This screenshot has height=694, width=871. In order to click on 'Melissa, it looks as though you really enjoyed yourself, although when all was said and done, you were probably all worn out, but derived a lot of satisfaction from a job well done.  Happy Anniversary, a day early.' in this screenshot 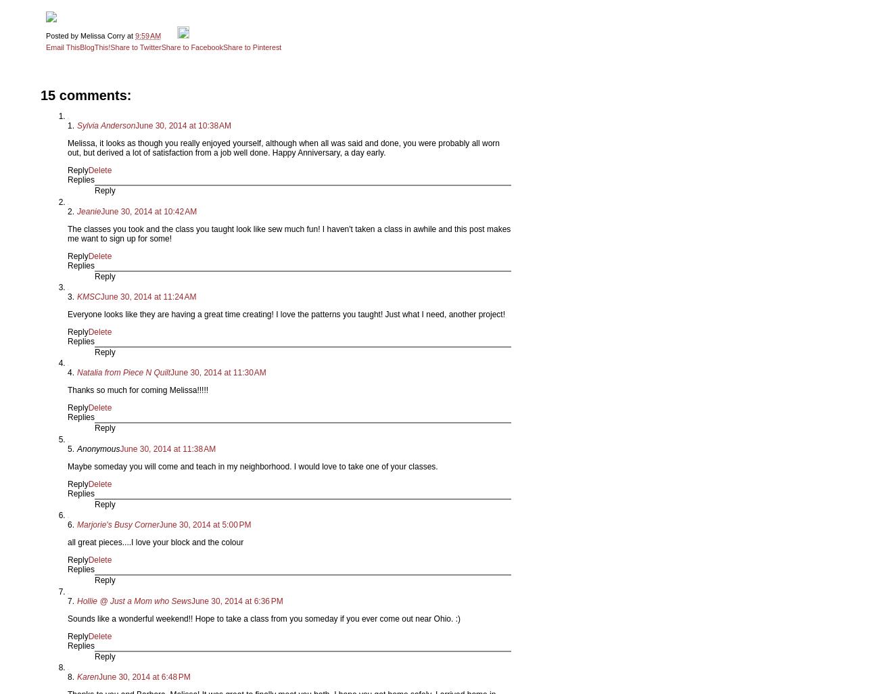, I will do `click(283, 148)`.